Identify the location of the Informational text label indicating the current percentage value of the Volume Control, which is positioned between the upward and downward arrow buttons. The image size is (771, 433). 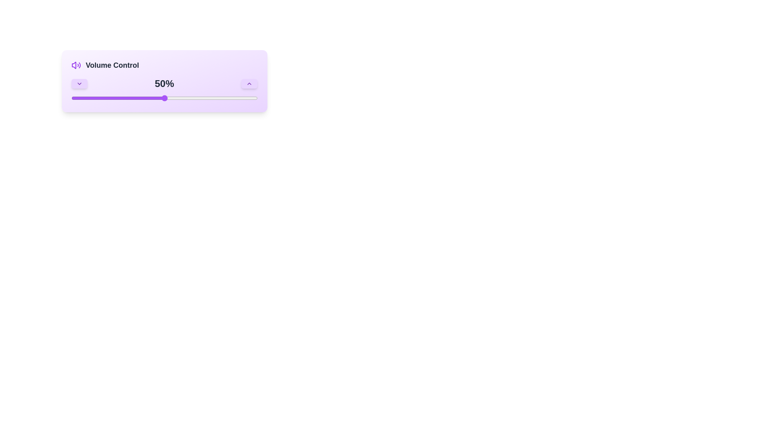
(164, 90).